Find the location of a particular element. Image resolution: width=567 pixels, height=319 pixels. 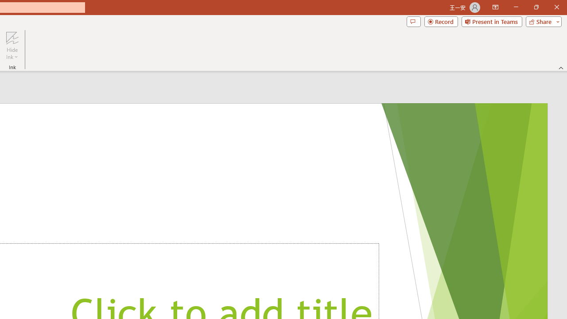

'Hide Ink' is located at coordinates (12, 37).